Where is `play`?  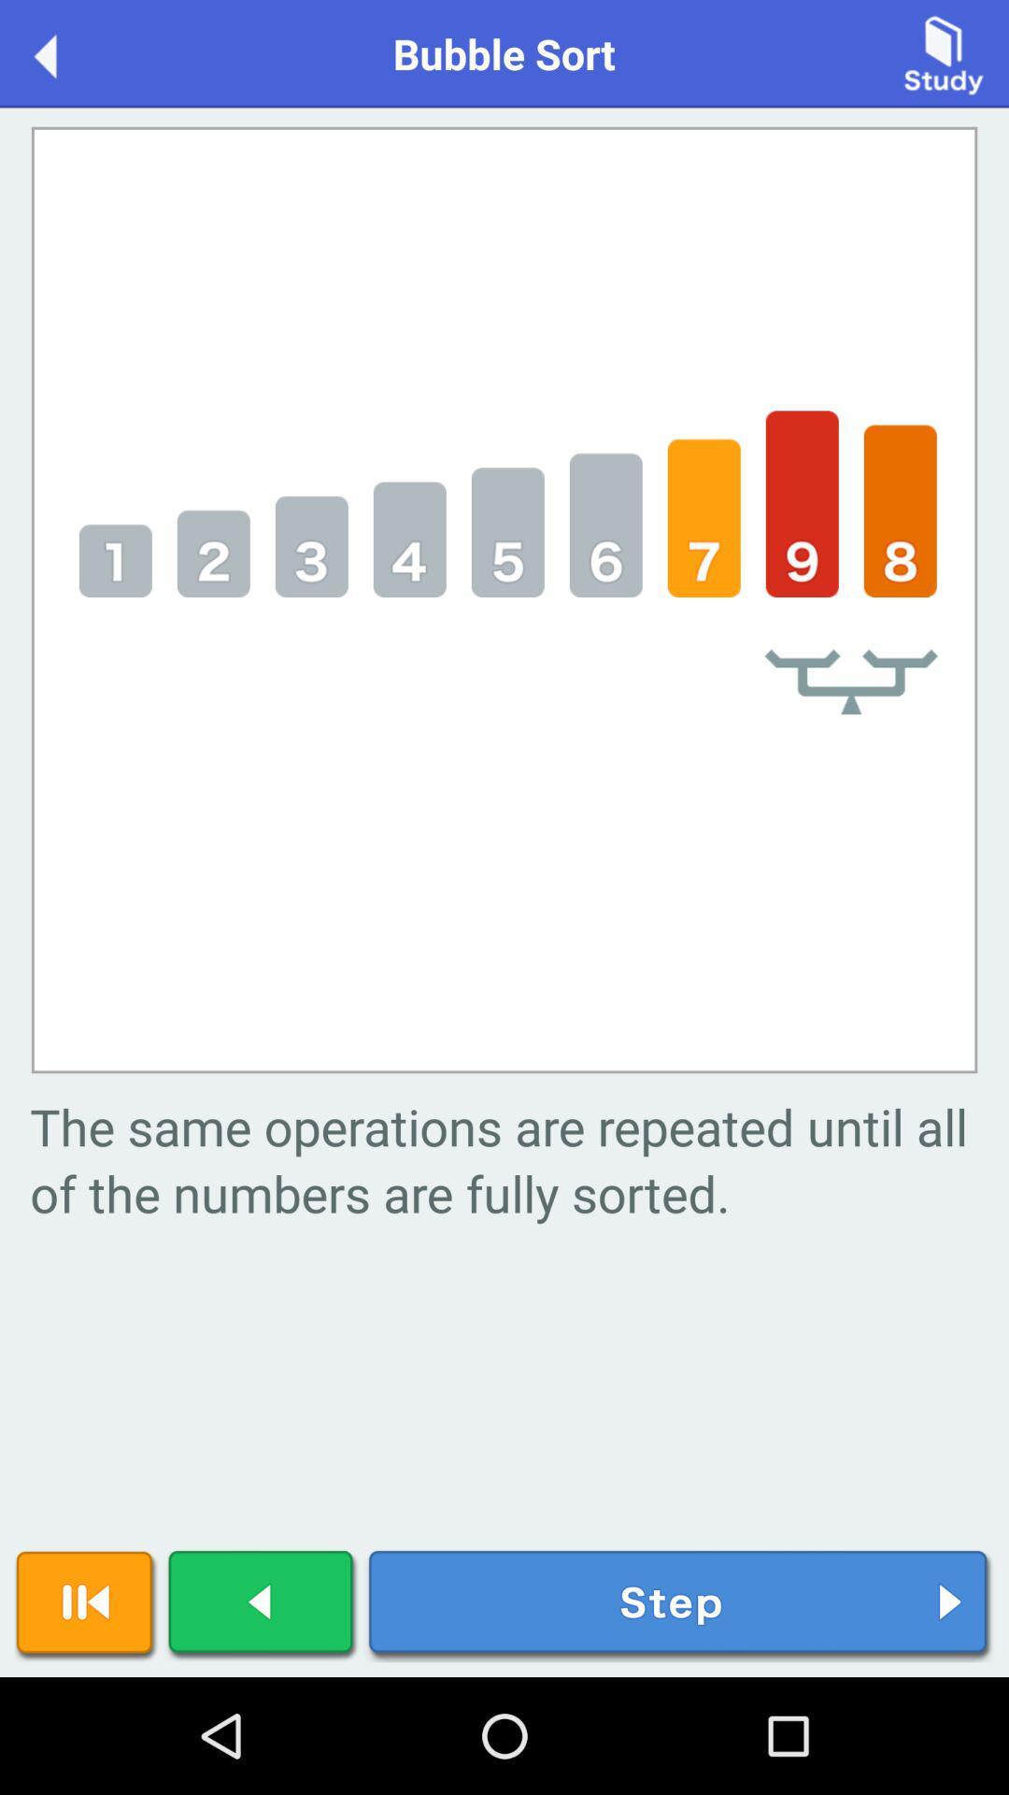 play is located at coordinates (263, 1604).